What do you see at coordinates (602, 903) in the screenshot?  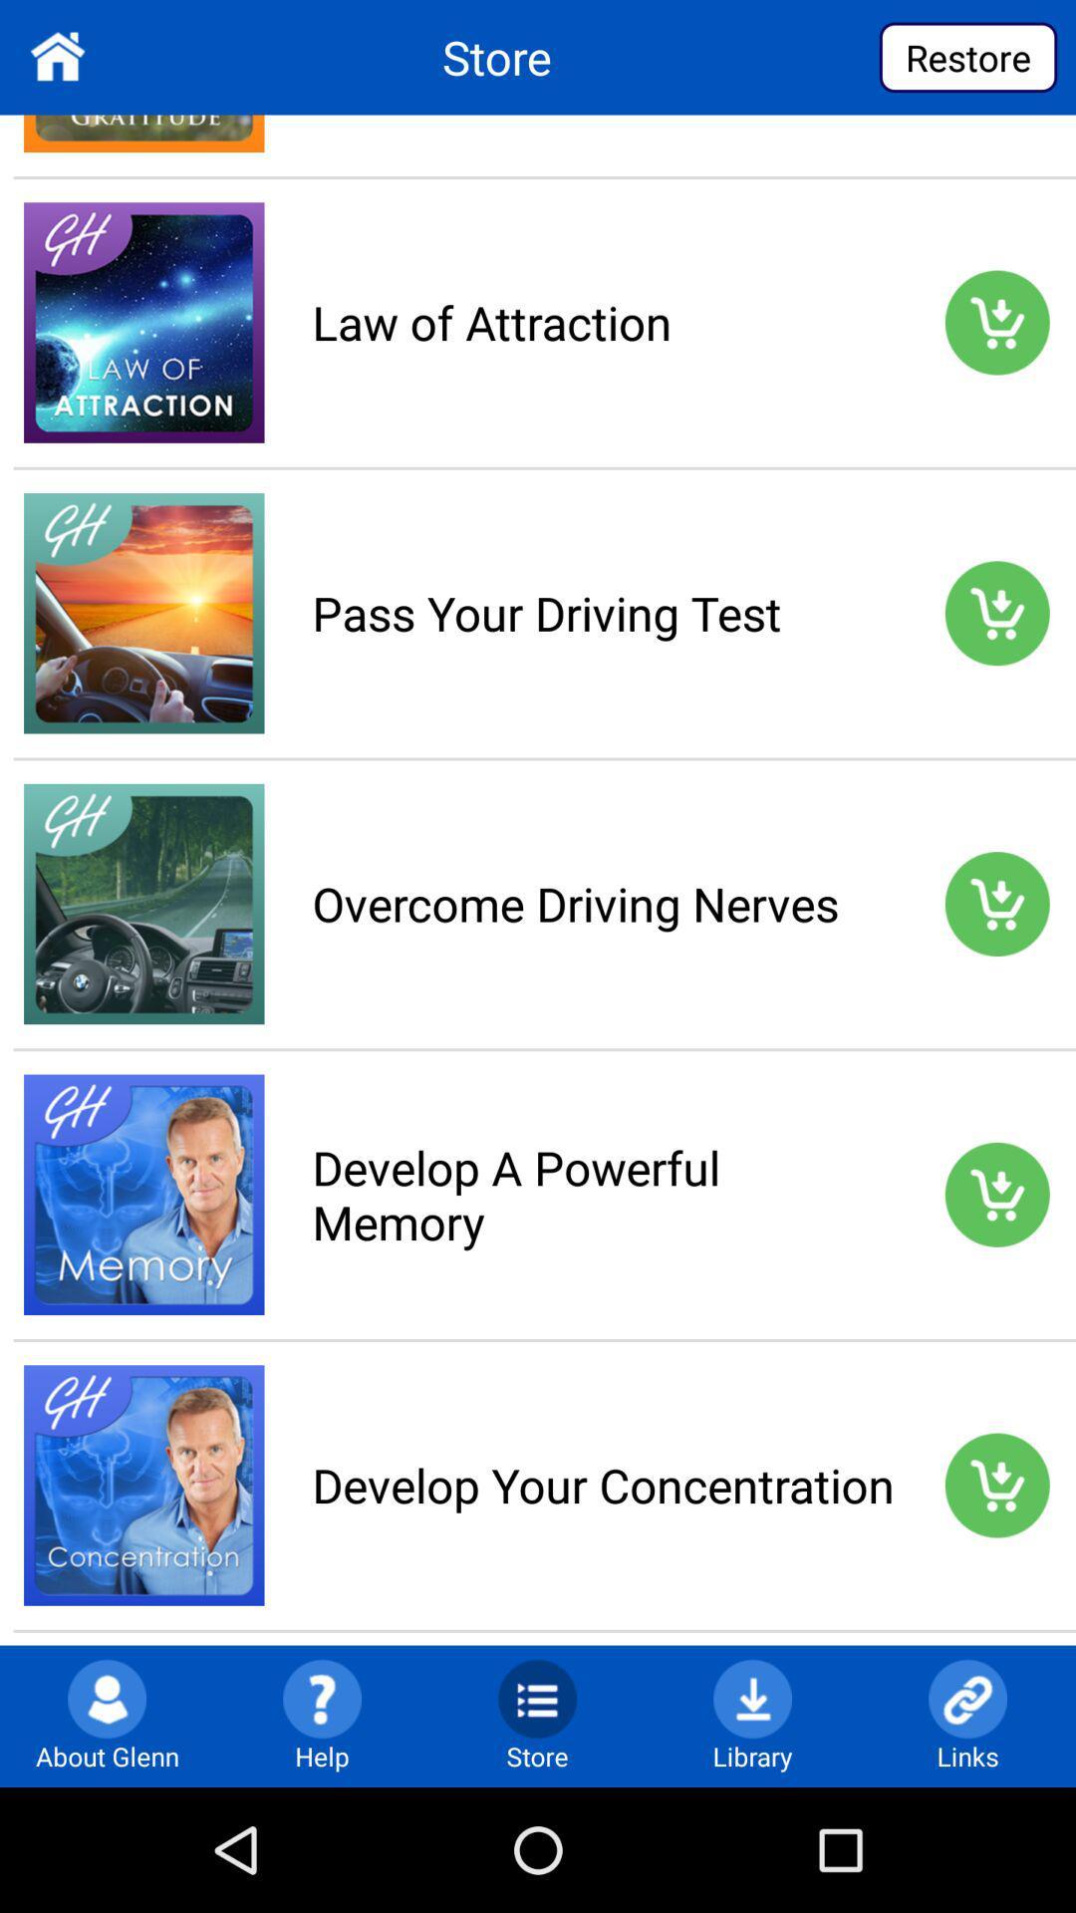 I see `overcome driving nerves` at bounding box center [602, 903].